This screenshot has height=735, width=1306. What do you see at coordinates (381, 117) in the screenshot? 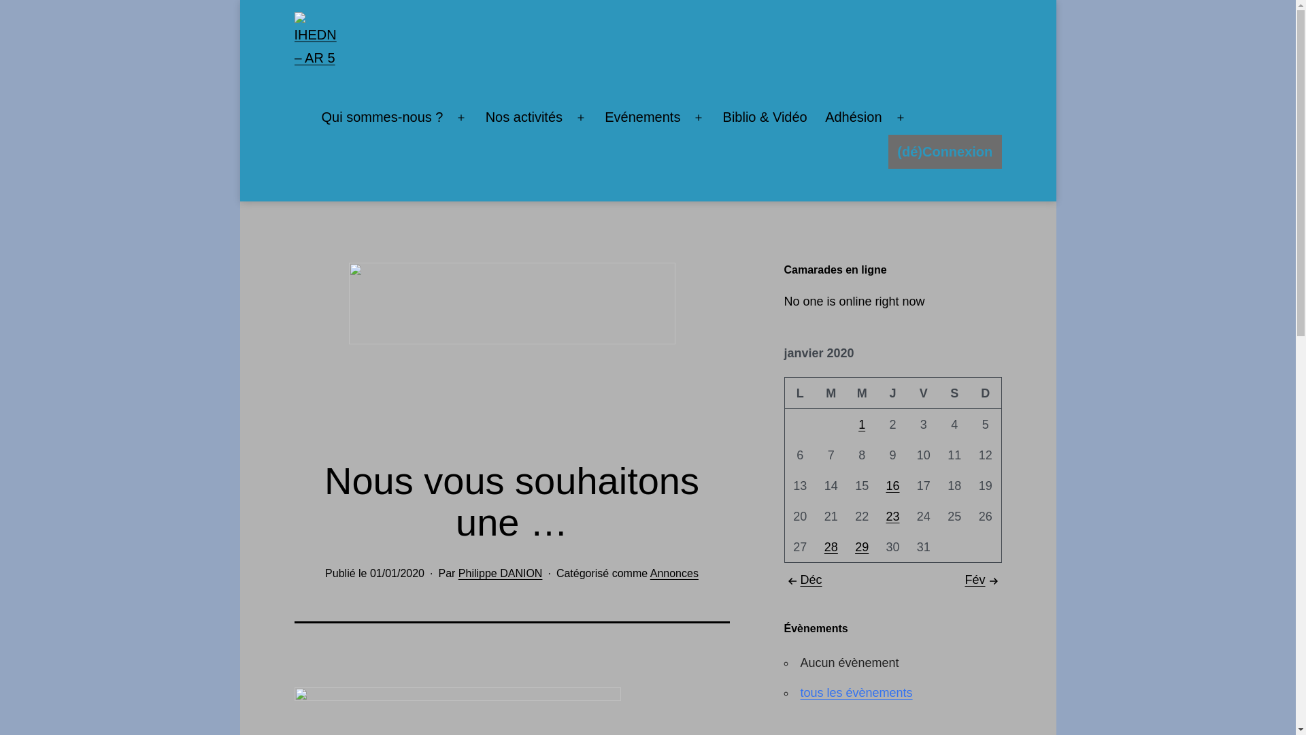
I see `'Qui sommes-nous ?'` at bounding box center [381, 117].